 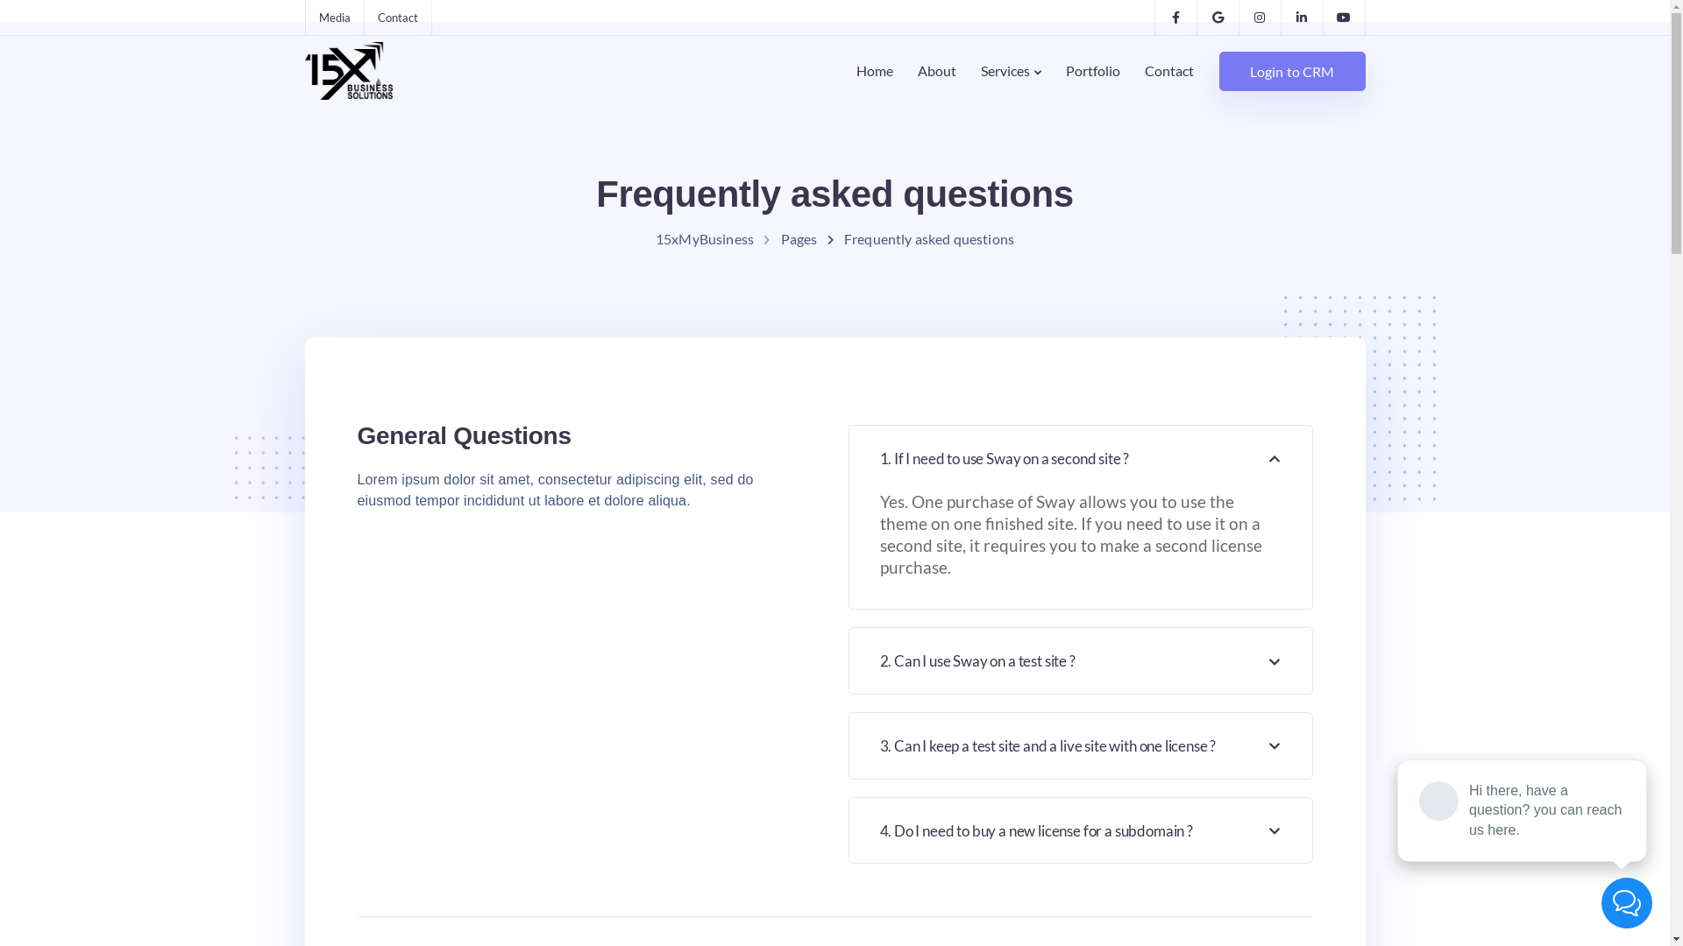 What do you see at coordinates (968, 649) in the screenshot?
I see `'15X Intake Form'` at bounding box center [968, 649].